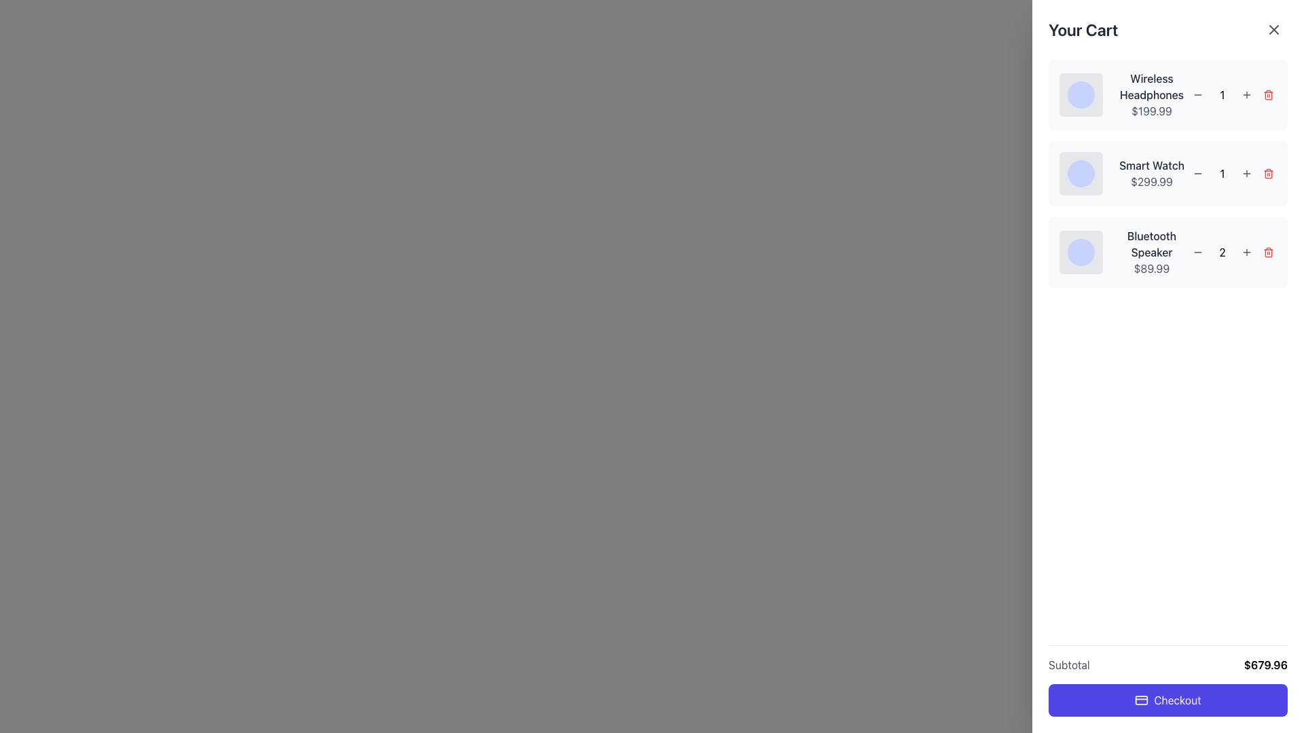  Describe the element at coordinates (1267, 252) in the screenshot. I see `the remove icon located at the far right side of the Bluetooth Speaker item in the cart` at that location.